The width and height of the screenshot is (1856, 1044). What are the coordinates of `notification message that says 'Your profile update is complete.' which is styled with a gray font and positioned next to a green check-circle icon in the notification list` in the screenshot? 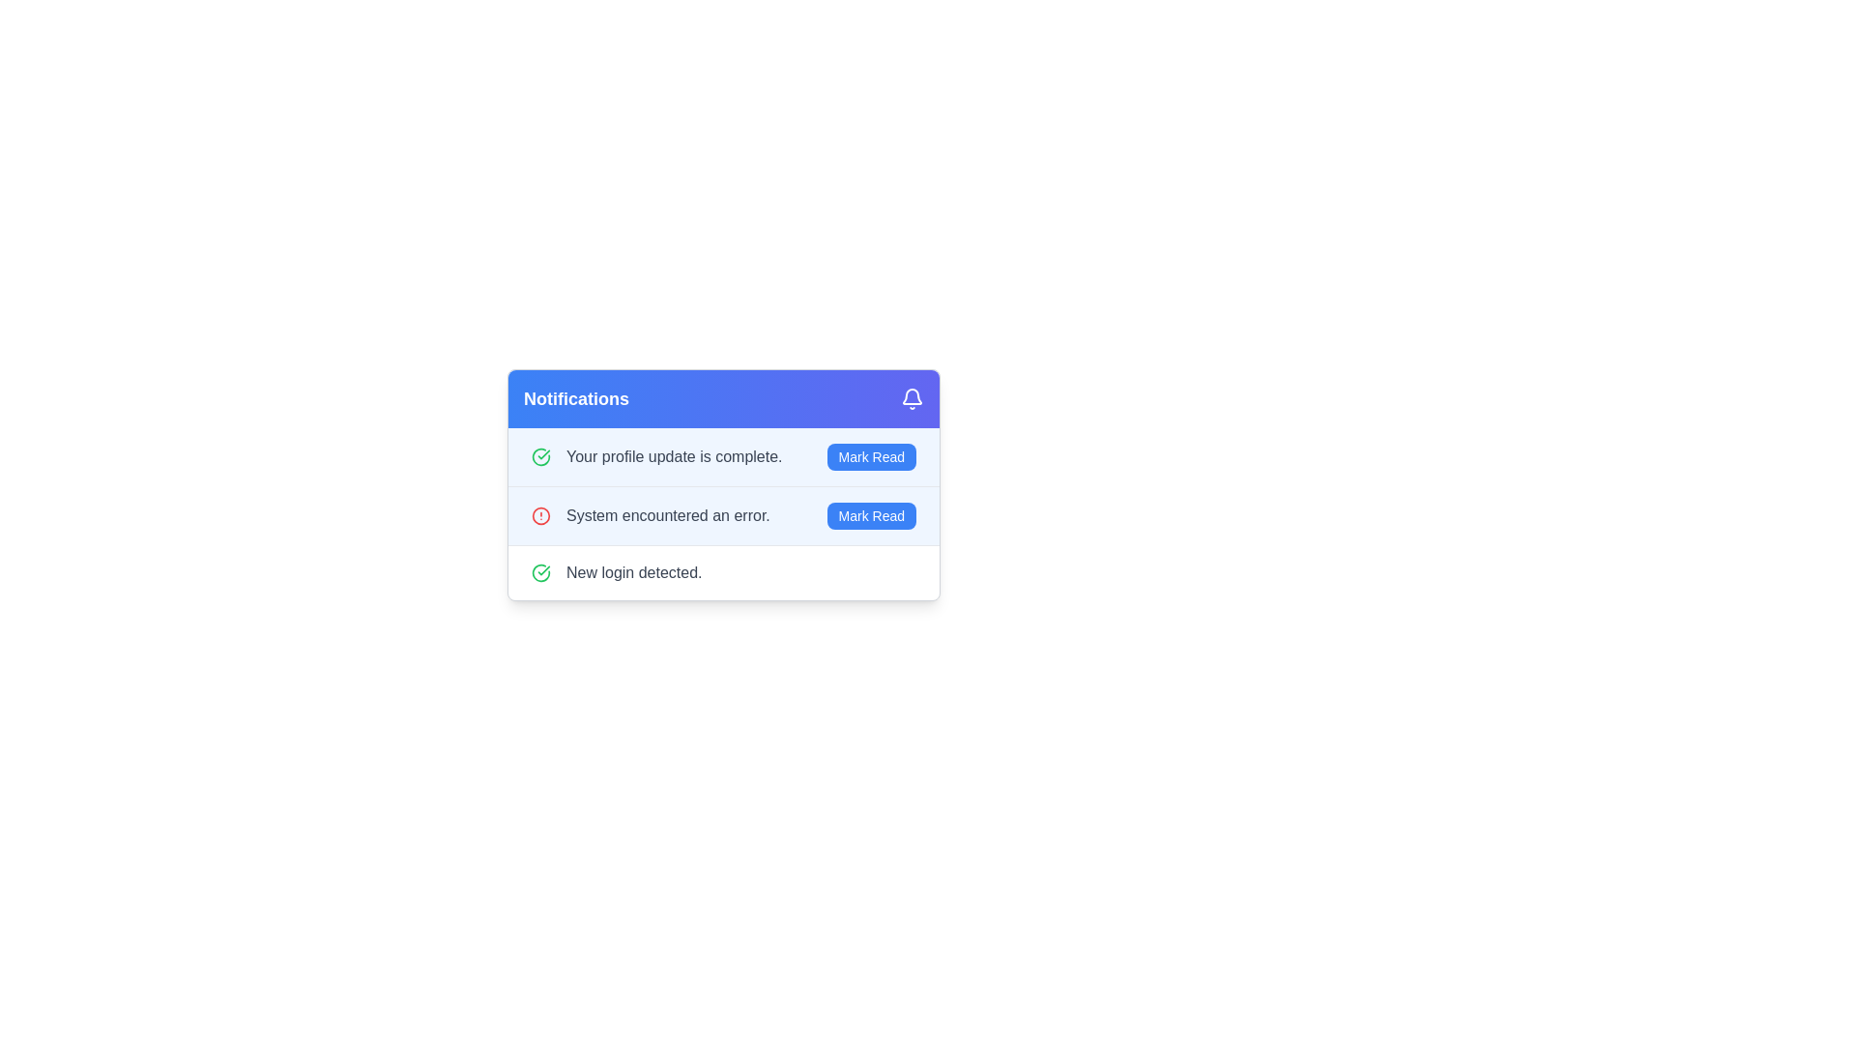 It's located at (674, 457).